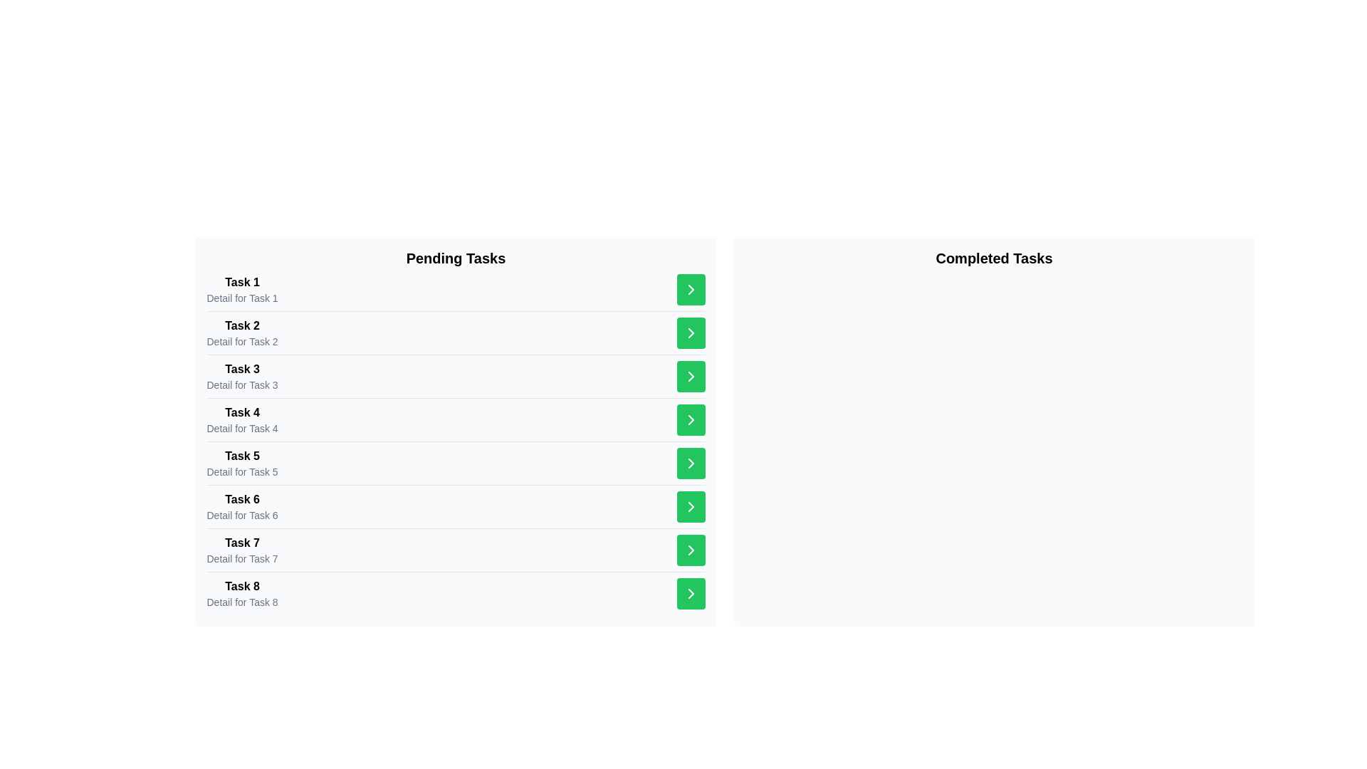  What do you see at coordinates (242, 499) in the screenshot?
I see `text label indicating the title of the task, which is the sixth entry in the 'Pending Tasks' section, located to the left of the green icon and above 'Detail for Task 6.'` at bounding box center [242, 499].